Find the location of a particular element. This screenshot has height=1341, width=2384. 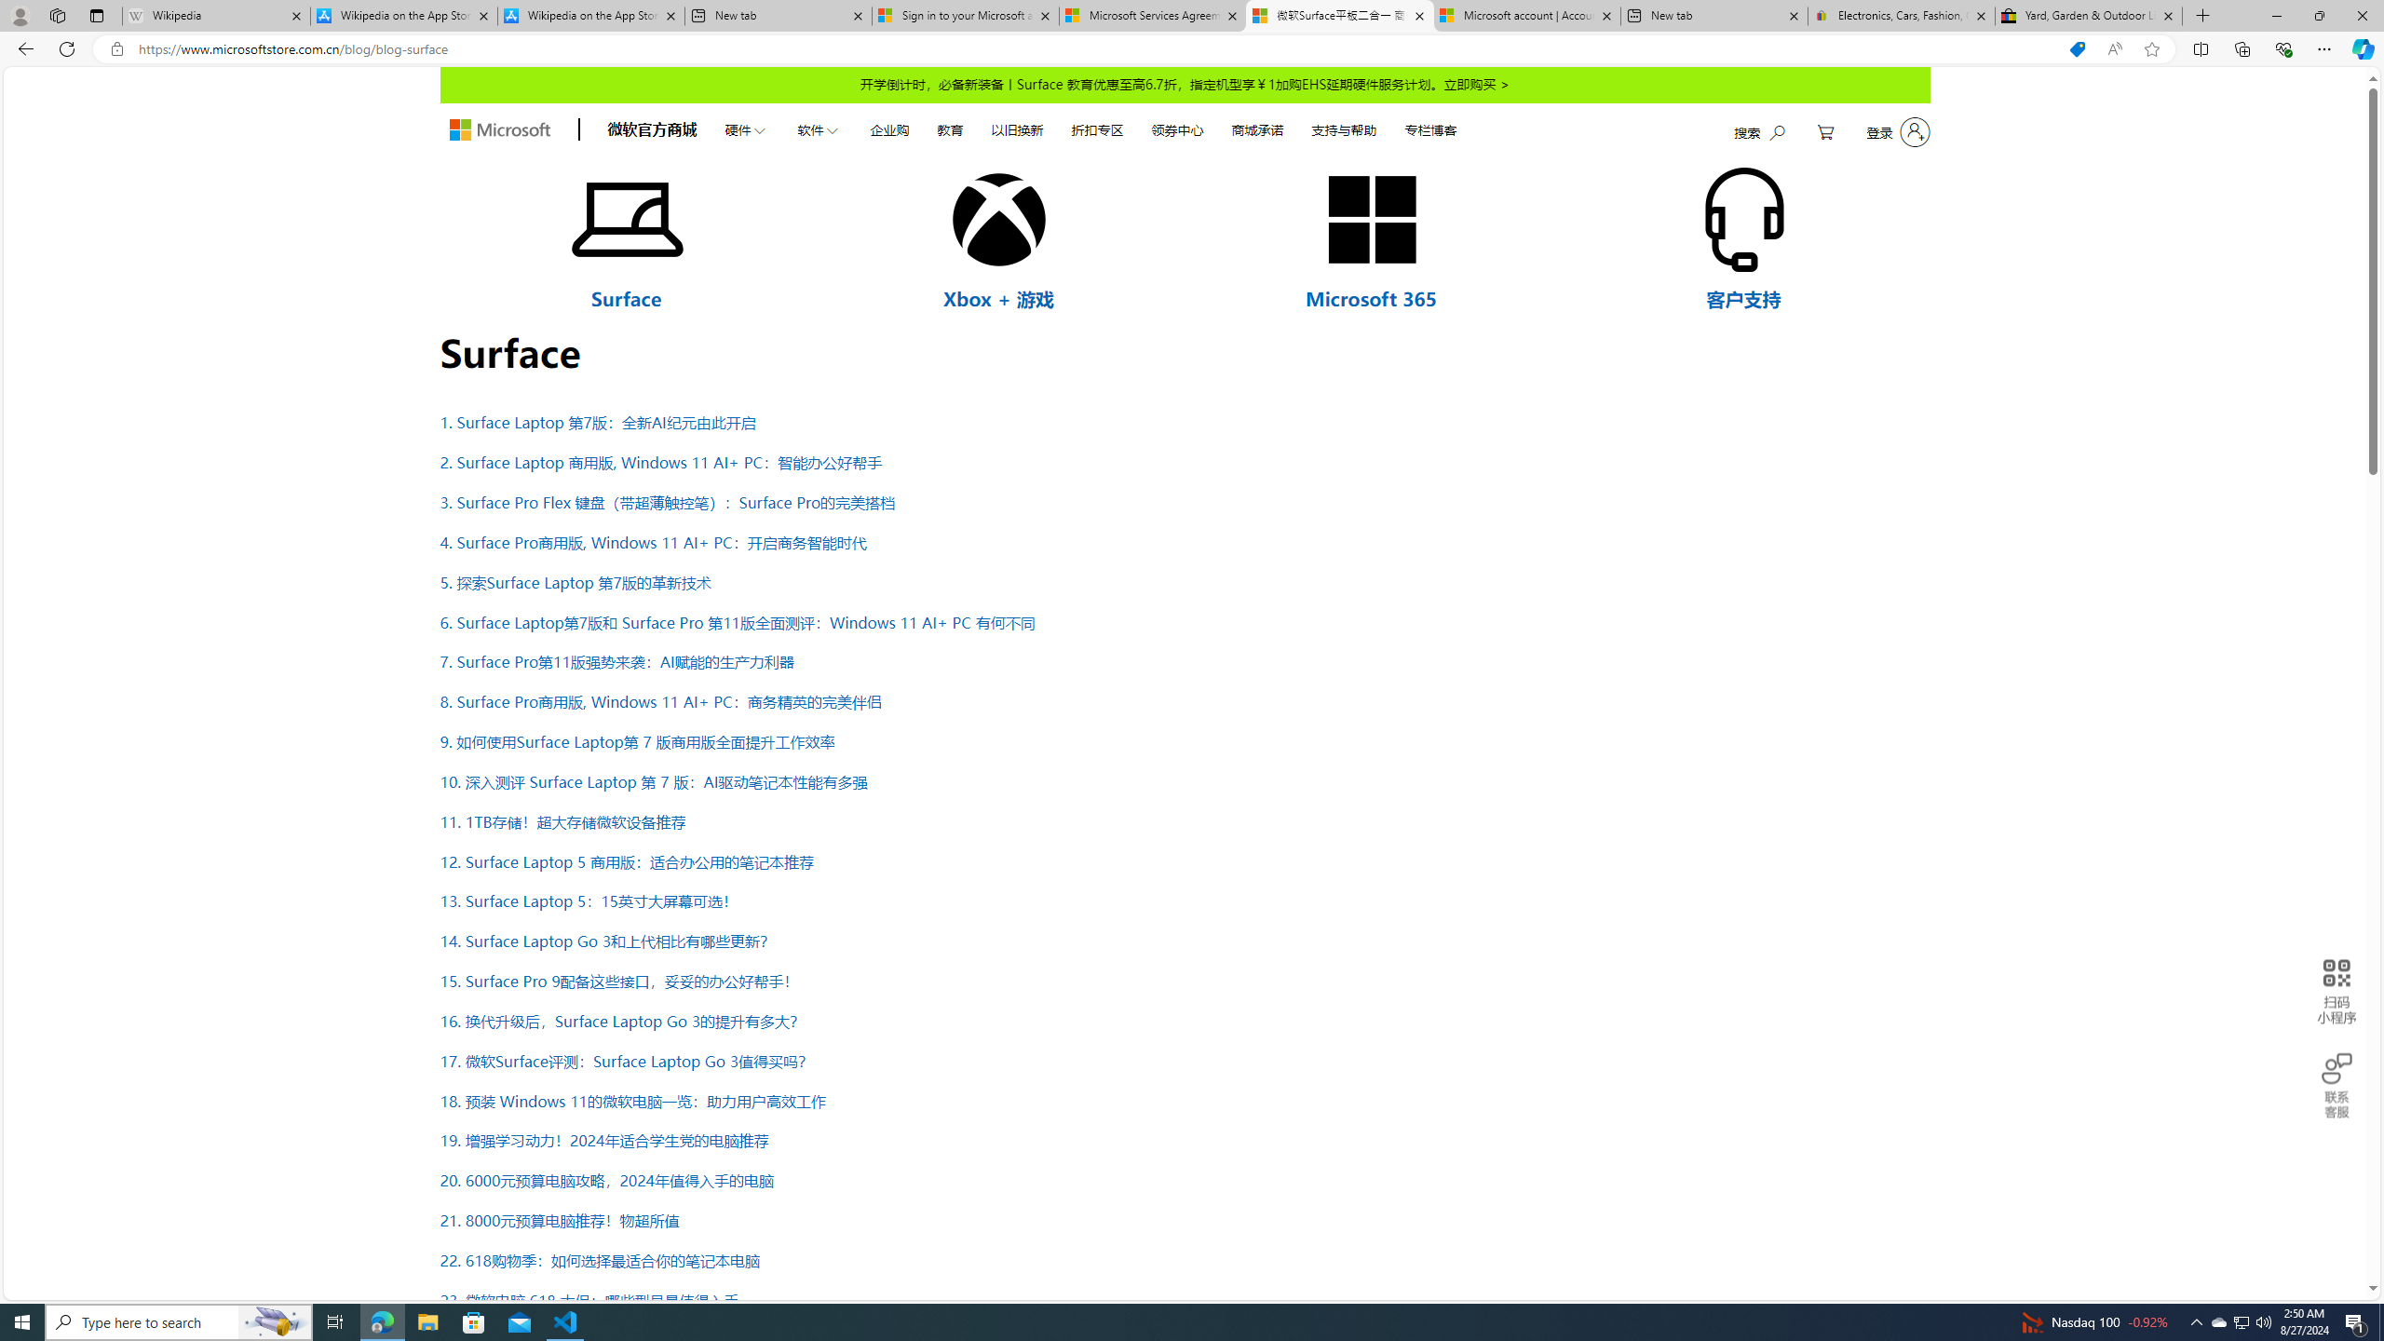

'Back' is located at coordinates (22, 47).